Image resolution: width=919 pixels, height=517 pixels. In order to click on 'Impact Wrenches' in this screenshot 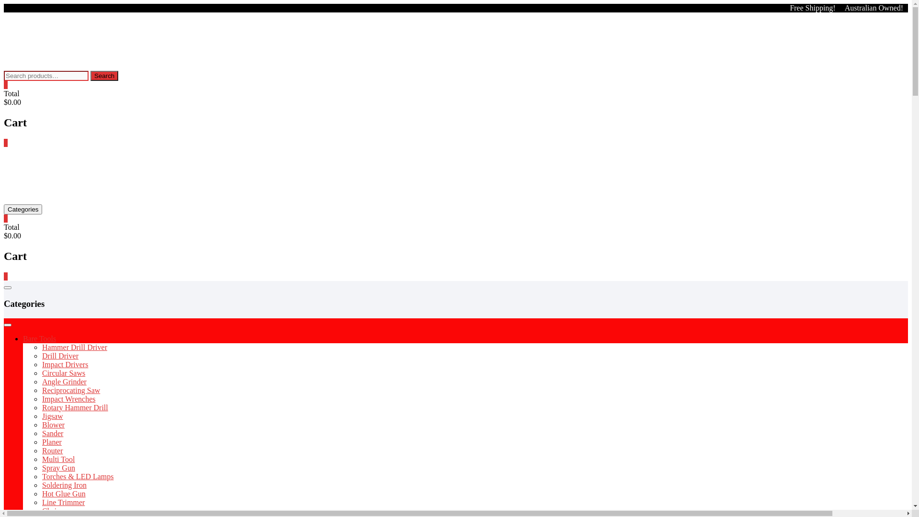, I will do `click(41, 399)`.